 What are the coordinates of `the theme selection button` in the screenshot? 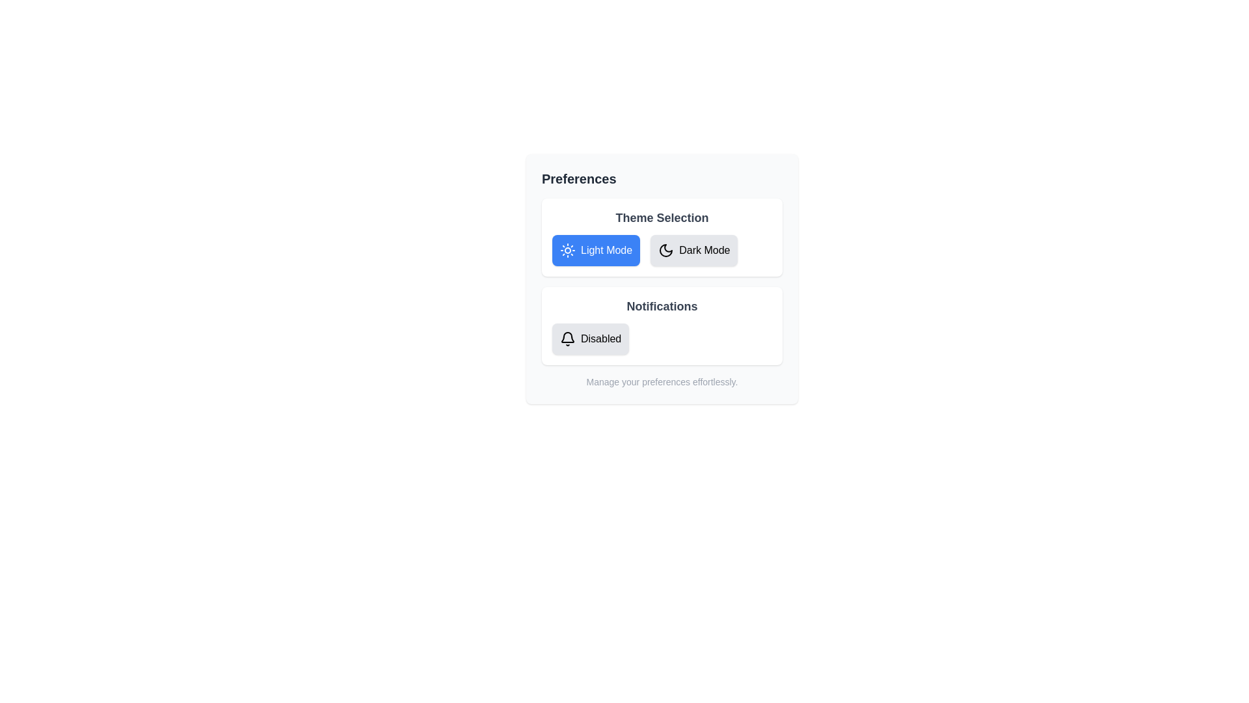 It's located at (693, 251).